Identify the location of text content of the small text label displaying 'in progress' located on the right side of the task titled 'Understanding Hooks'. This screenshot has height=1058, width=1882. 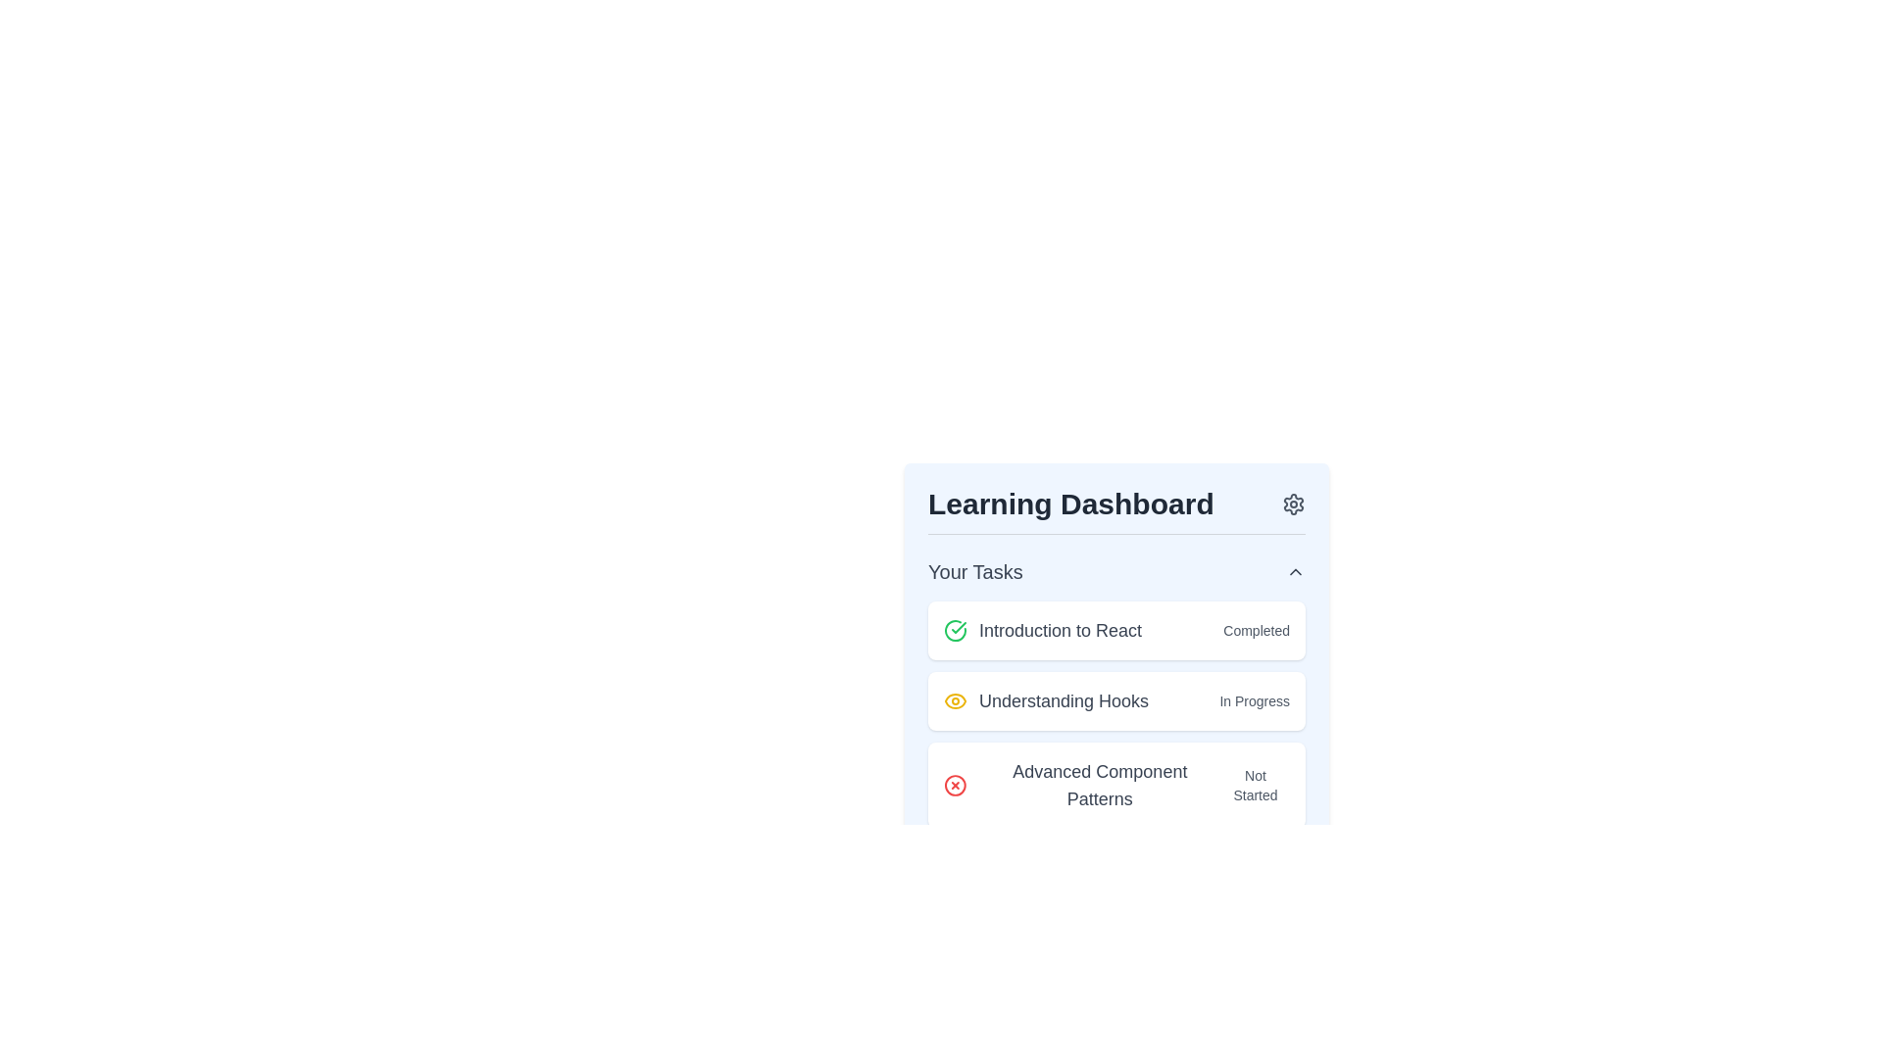
(1255, 700).